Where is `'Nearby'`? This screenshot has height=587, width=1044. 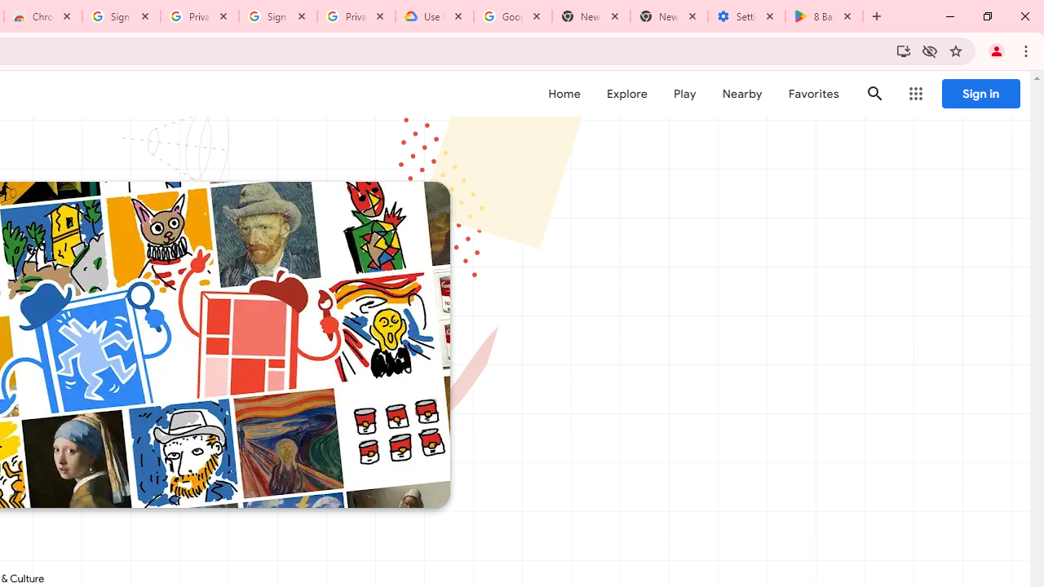
'Nearby' is located at coordinates (741, 94).